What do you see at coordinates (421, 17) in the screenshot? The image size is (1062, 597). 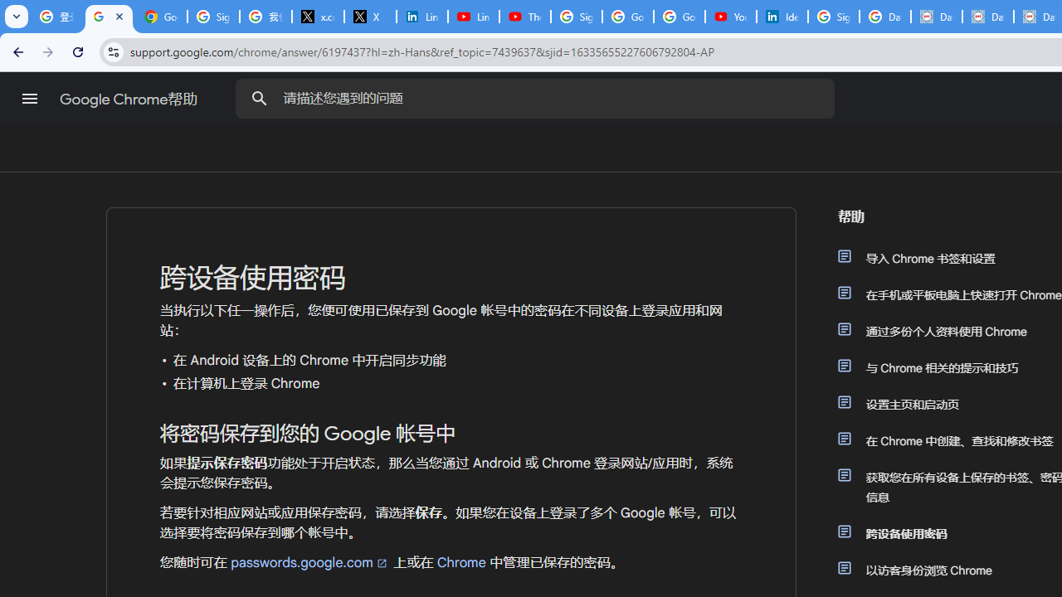 I see `'LinkedIn Privacy Policy'` at bounding box center [421, 17].